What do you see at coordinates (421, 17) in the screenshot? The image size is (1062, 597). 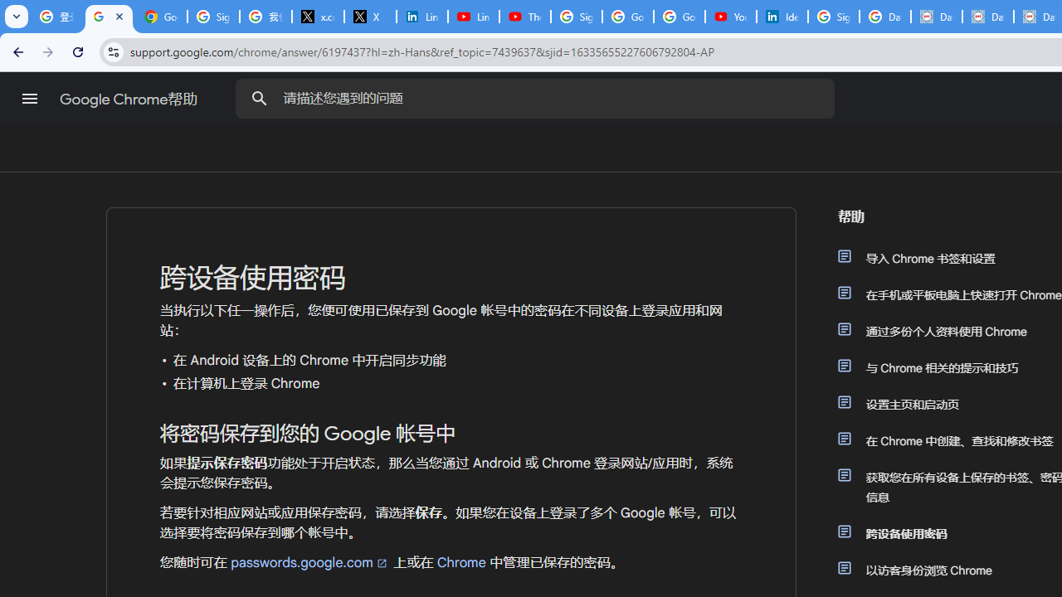 I see `'LinkedIn Privacy Policy'` at bounding box center [421, 17].